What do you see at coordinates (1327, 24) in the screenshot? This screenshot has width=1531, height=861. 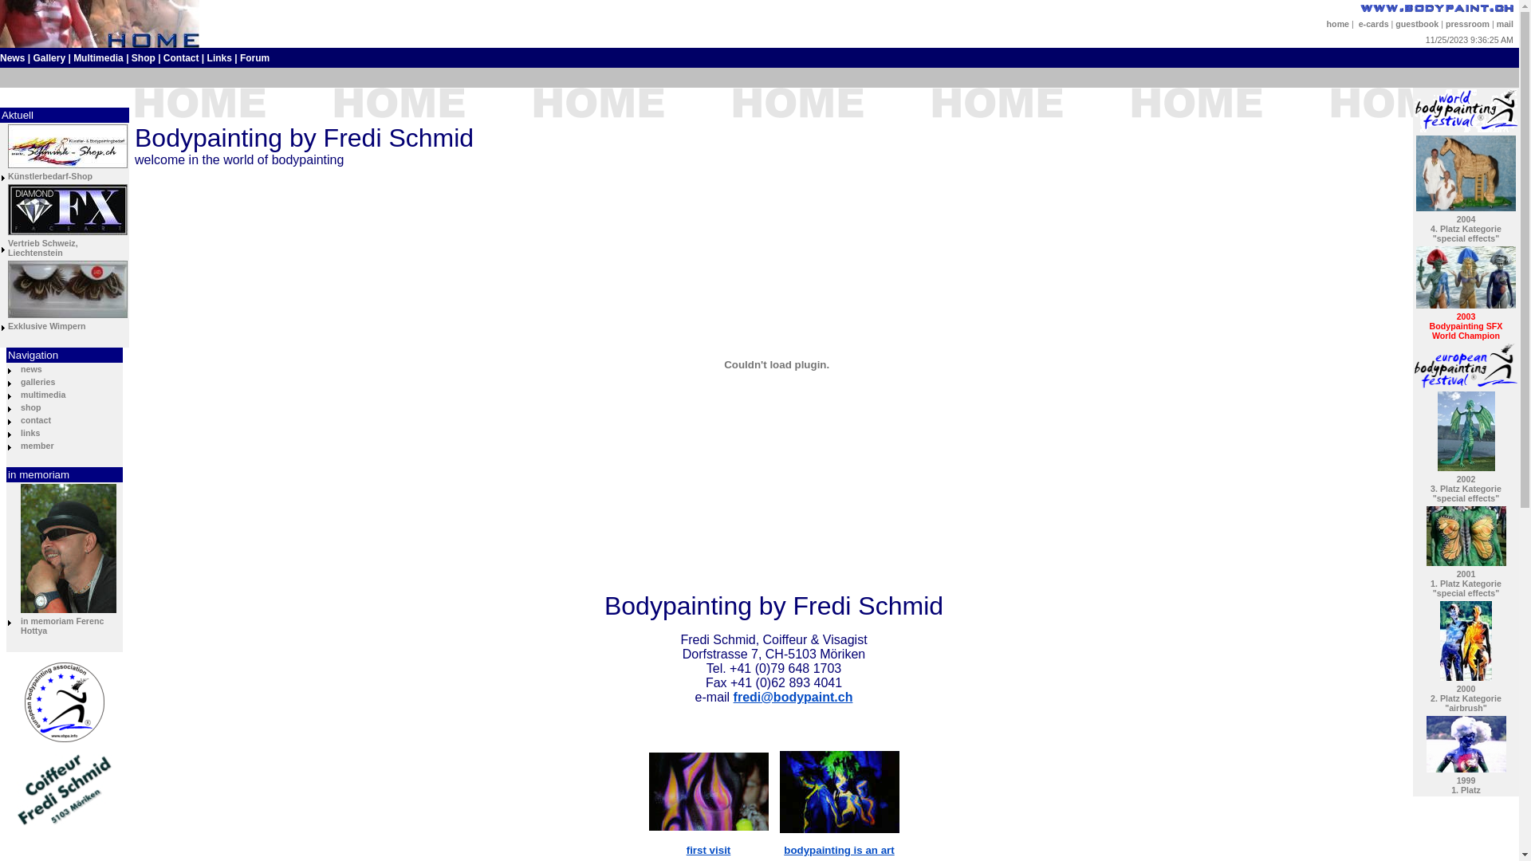 I see `'home'` at bounding box center [1327, 24].